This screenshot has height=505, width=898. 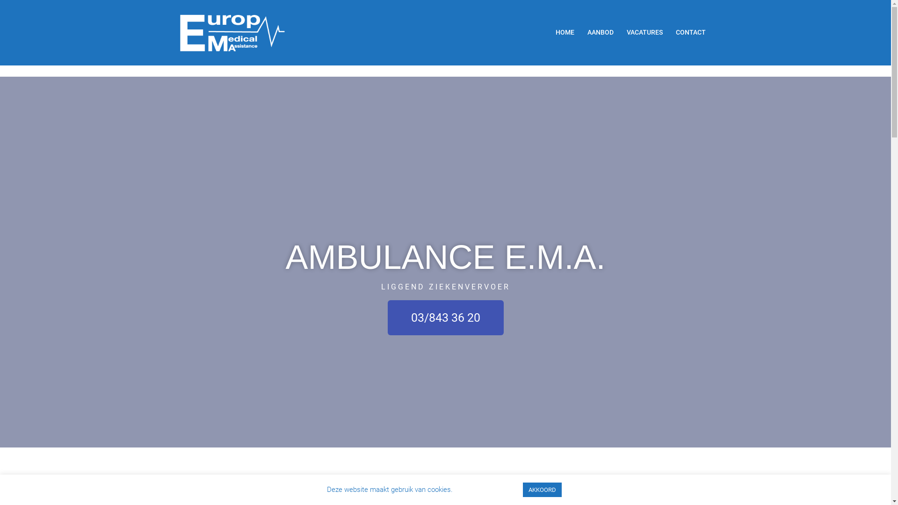 What do you see at coordinates (600, 32) in the screenshot?
I see `'AANBOD'` at bounding box center [600, 32].